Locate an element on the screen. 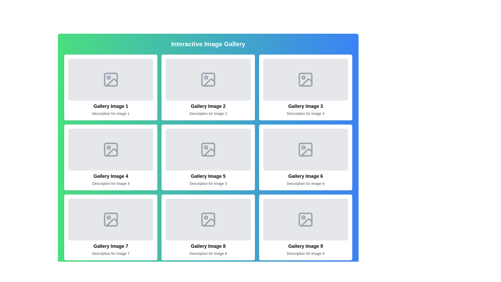 The height and width of the screenshot is (282, 501). the graphical marker, a small circular dot located at the center of the icon representing 'Gallery Image 8', which is part of a 3x3 grid layout is located at coordinates (206, 218).